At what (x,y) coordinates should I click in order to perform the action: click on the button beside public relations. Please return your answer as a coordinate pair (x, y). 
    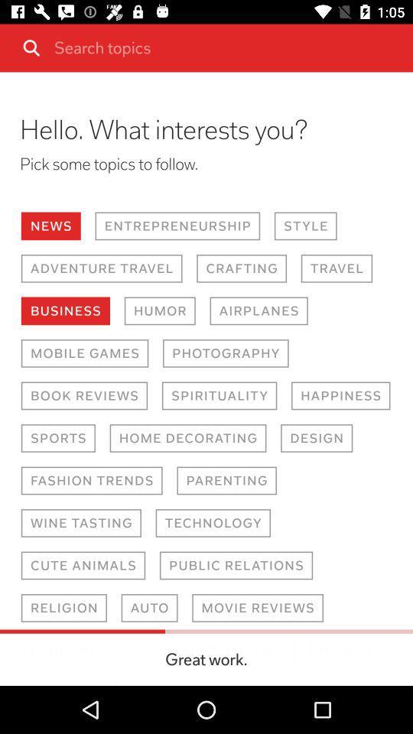
    Looking at the image, I should click on (83, 564).